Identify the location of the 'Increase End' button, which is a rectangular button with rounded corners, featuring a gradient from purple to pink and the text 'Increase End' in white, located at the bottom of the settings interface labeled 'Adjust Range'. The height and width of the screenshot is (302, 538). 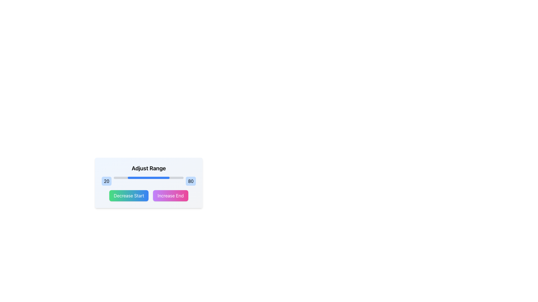
(170, 195).